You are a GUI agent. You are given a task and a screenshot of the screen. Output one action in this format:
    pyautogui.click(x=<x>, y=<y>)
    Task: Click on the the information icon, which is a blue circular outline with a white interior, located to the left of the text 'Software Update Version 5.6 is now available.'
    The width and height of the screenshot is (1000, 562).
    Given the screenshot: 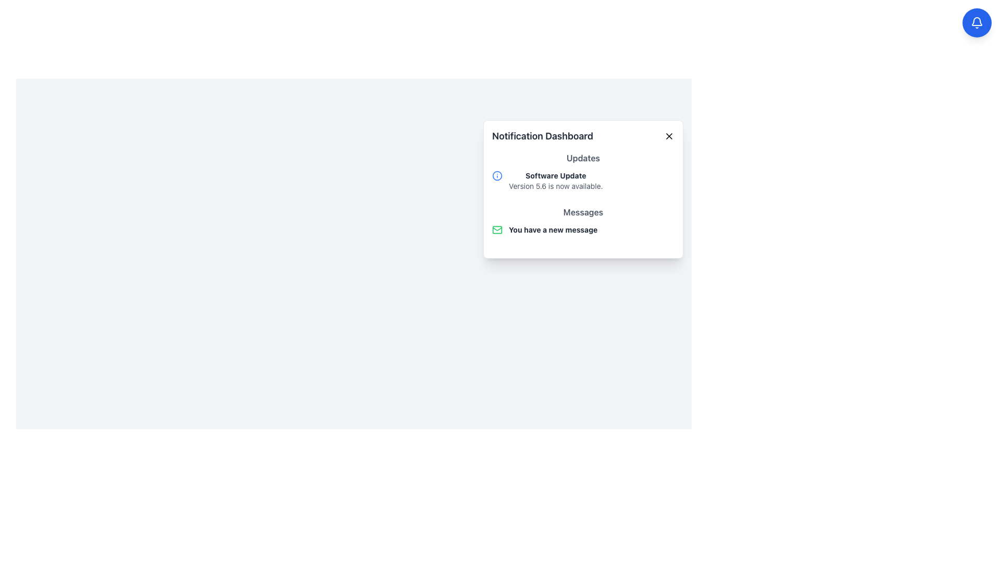 What is the action you would take?
    pyautogui.click(x=497, y=175)
    